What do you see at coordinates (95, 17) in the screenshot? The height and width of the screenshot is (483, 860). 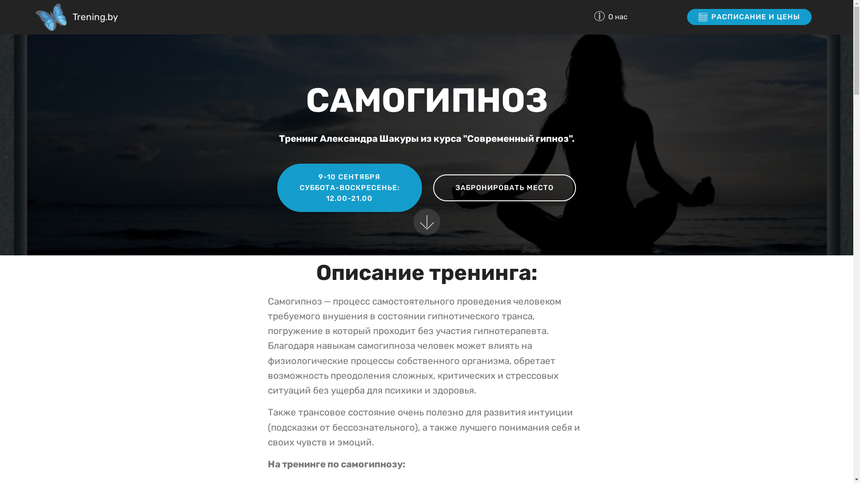 I see `'Trening.by'` at bounding box center [95, 17].